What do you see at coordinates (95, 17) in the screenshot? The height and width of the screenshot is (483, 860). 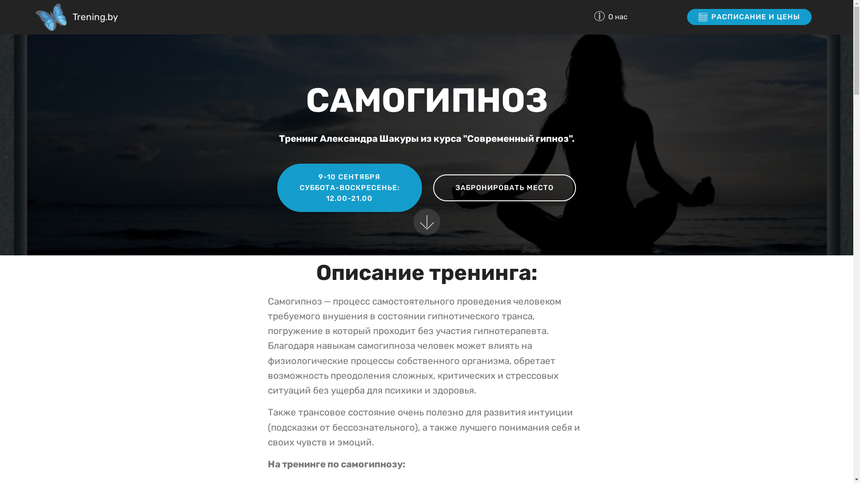 I see `'Trening.by'` at bounding box center [95, 17].